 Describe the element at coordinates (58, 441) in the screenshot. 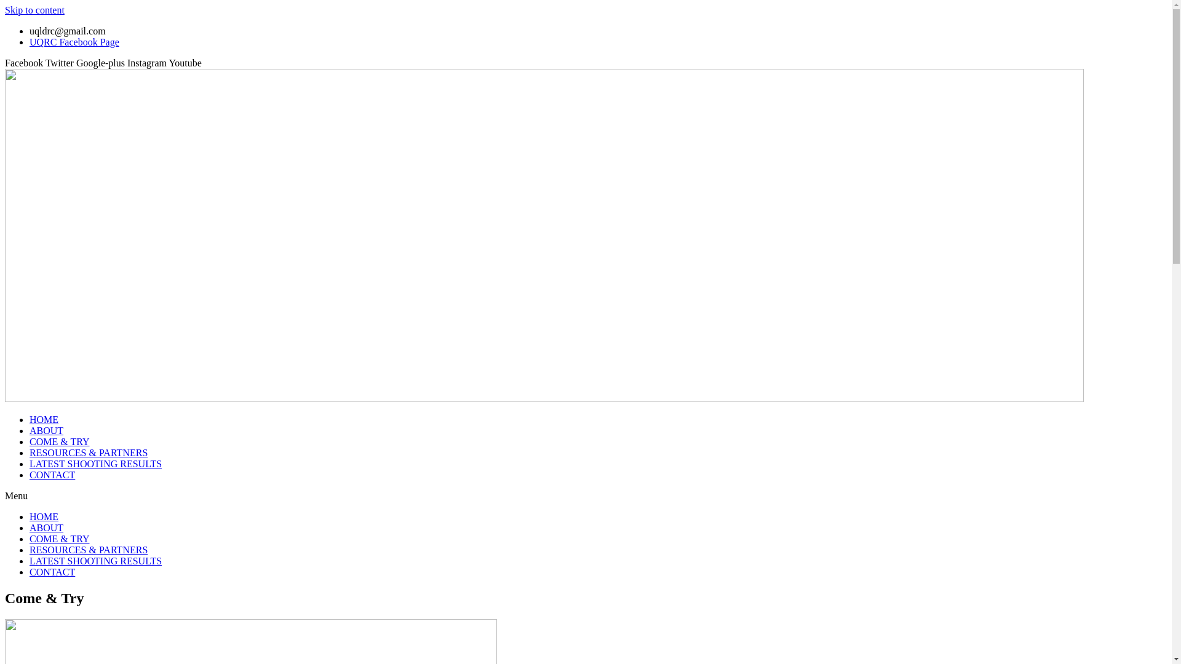

I see `'COME & TRY'` at that location.